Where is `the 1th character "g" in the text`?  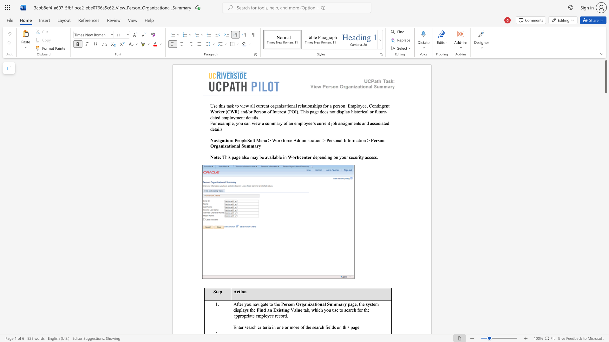 the 1th character "g" in the text is located at coordinates (237, 157).